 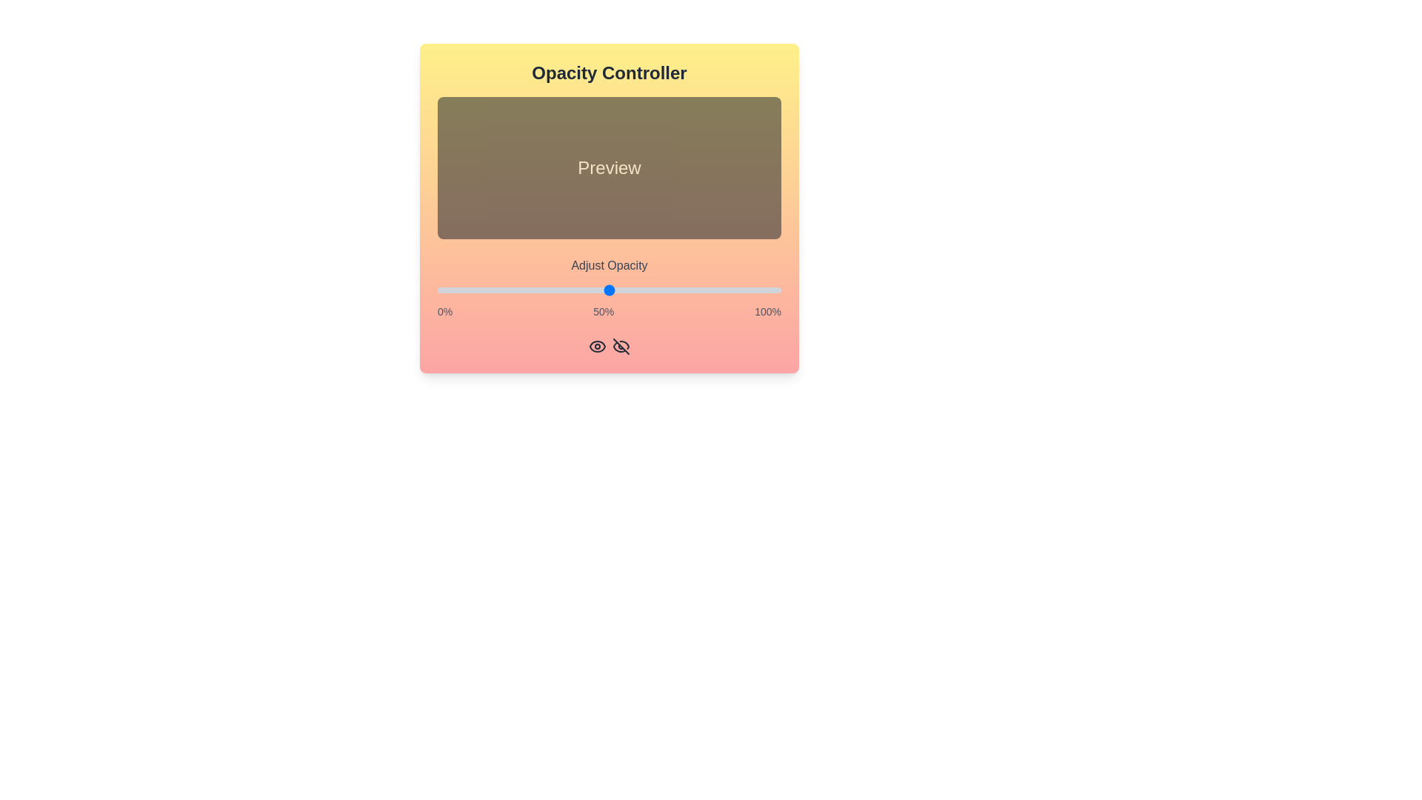 What do you see at coordinates (660, 290) in the screenshot?
I see `the opacity slider to 65%` at bounding box center [660, 290].